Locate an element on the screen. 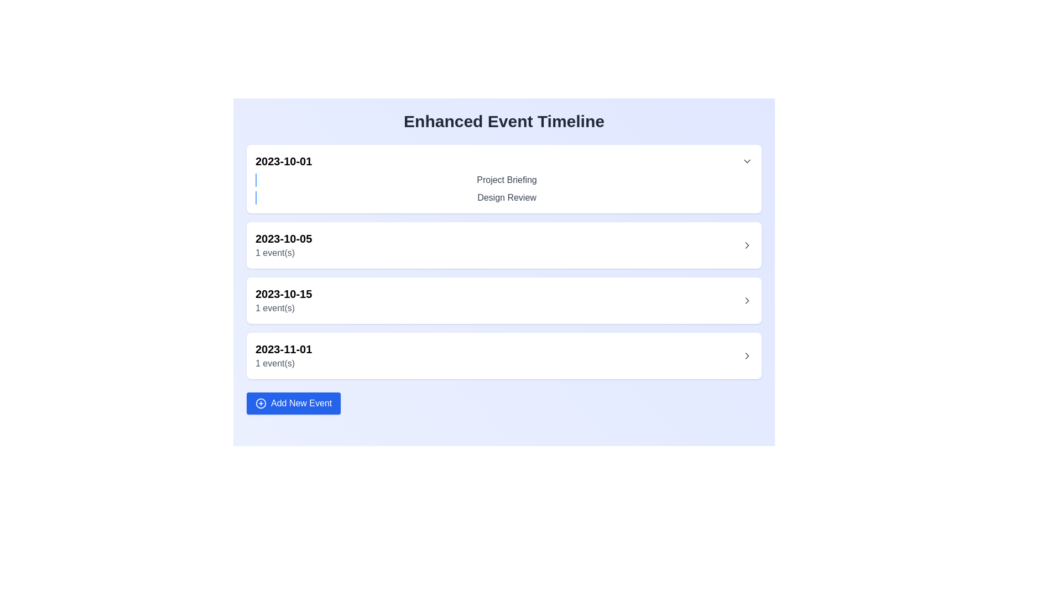 The width and height of the screenshot is (1062, 597). the right-facing chevron icon styled in gray, located at the far right side of the list item for the date '2023-11-01' is located at coordinates (747, 356).